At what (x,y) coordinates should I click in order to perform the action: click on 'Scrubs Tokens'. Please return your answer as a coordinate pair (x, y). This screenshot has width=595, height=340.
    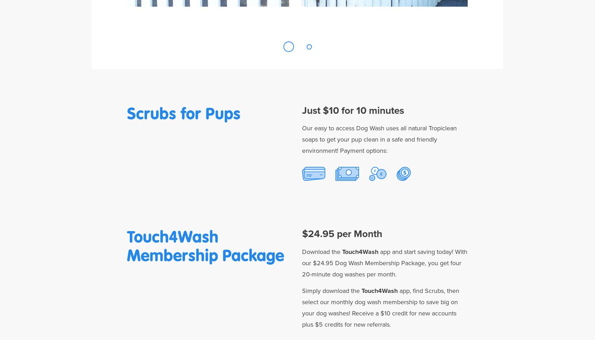
    Looking at the image, I should click on (403, 197).